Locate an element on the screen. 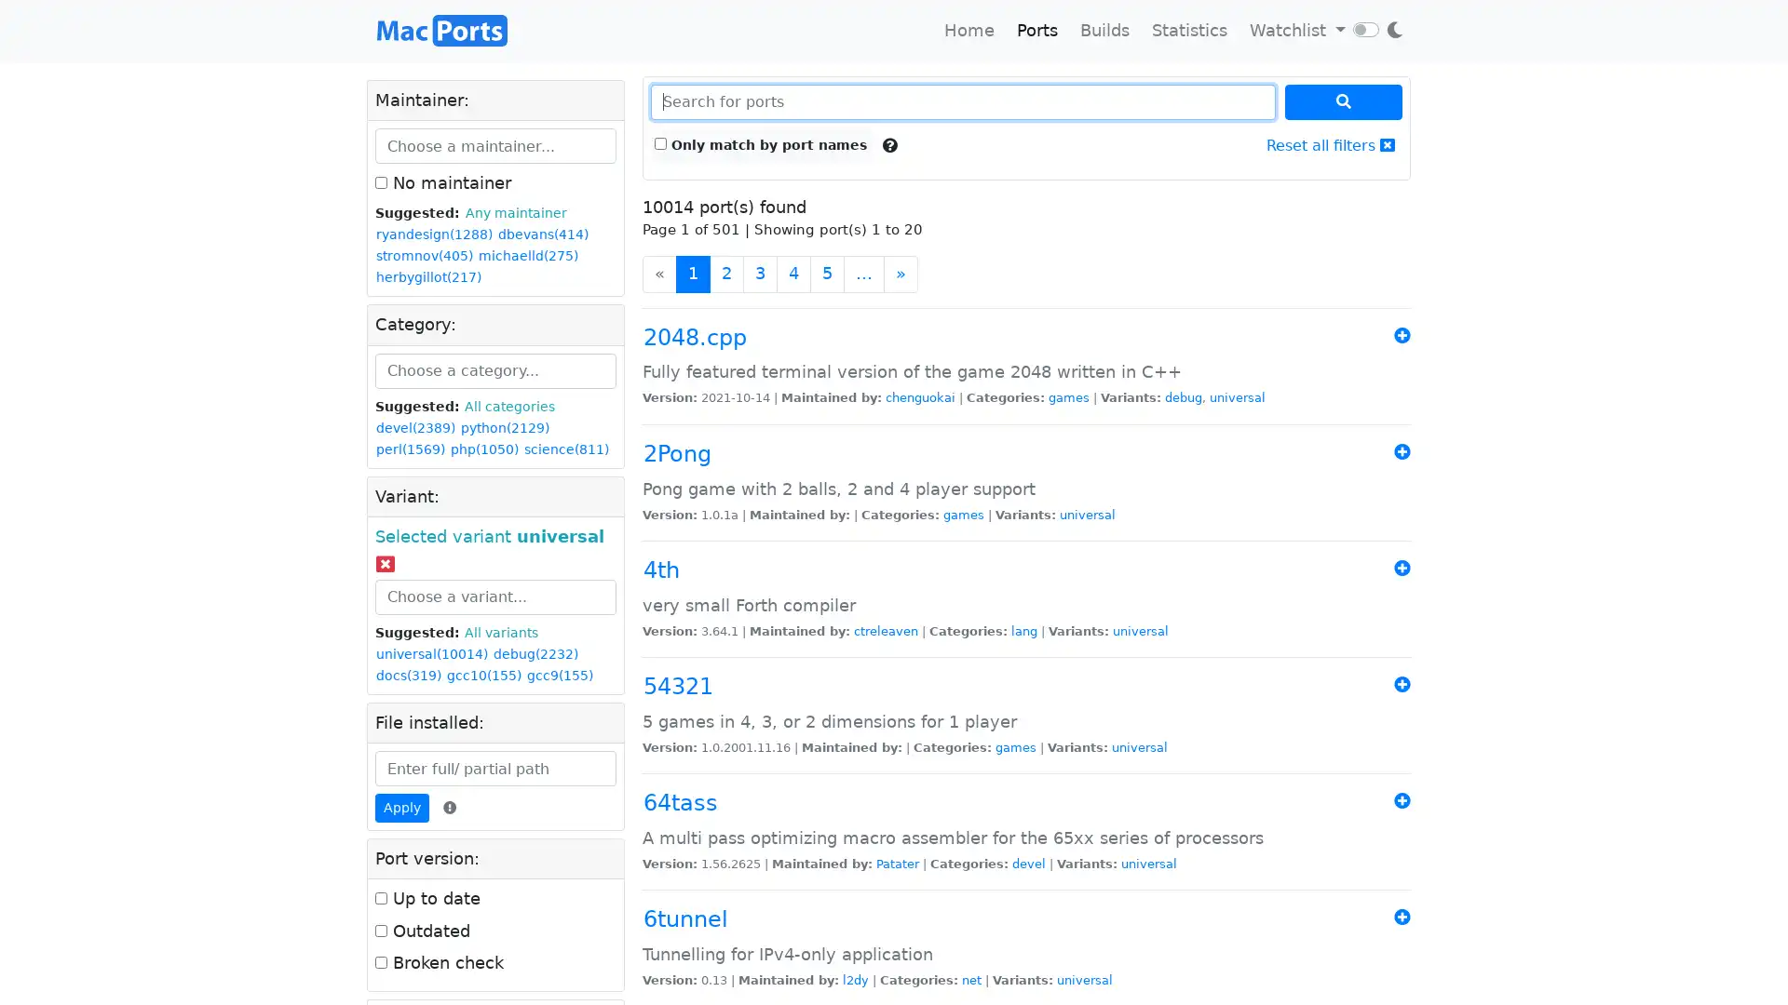 Image resolution: width=1788 pixels, height=1005 pixels. ryandesign(1288) is located at coordinates (433, 234).